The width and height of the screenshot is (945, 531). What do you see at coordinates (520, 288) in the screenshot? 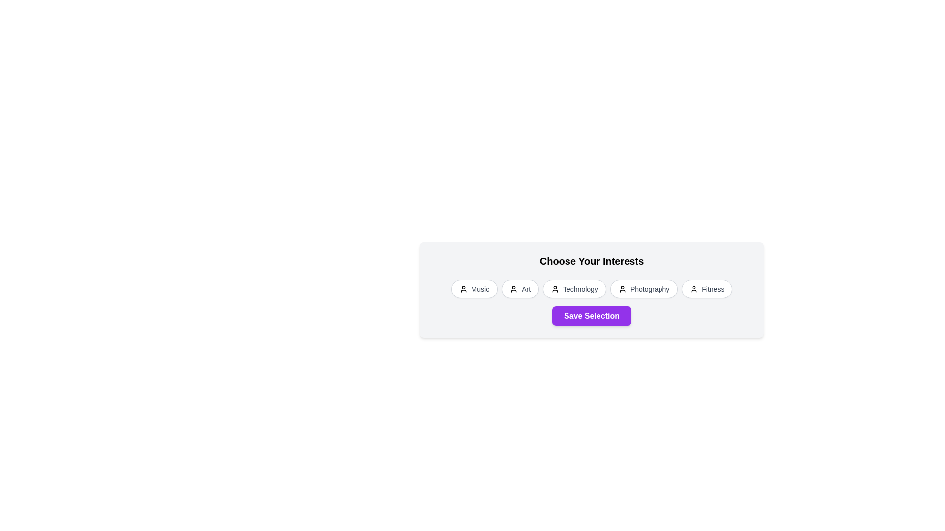
I see `the interest chip labeled Art by clicking on it` at bounding box center [520, 288].